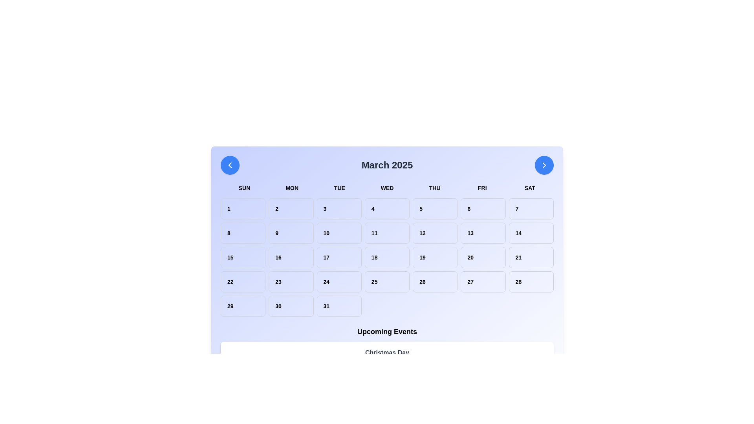  What do you see at coordinates (387, 281) in the screenshot?
I see `the calendar date button displaying '25' located in the fourth column of the last row` at bounding box center [387, 281].